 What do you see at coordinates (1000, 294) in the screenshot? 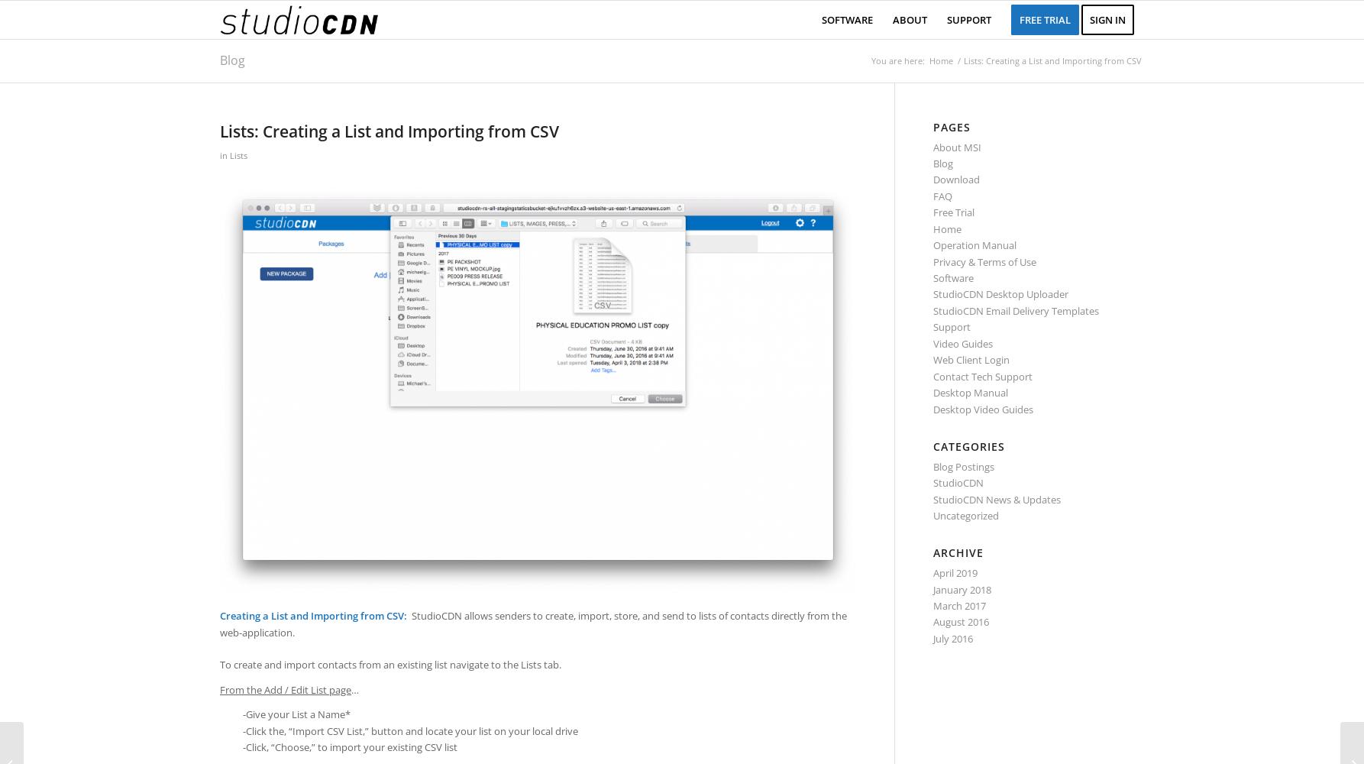
I see `'StudioCDN Desktop Uploader'` at bounding box center [1000, 294].